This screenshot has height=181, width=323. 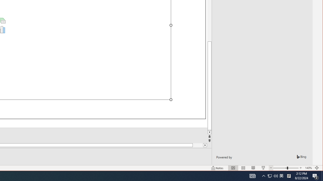 I want to click on 'User Promoted Notification Area', so click(x=270, y=175).